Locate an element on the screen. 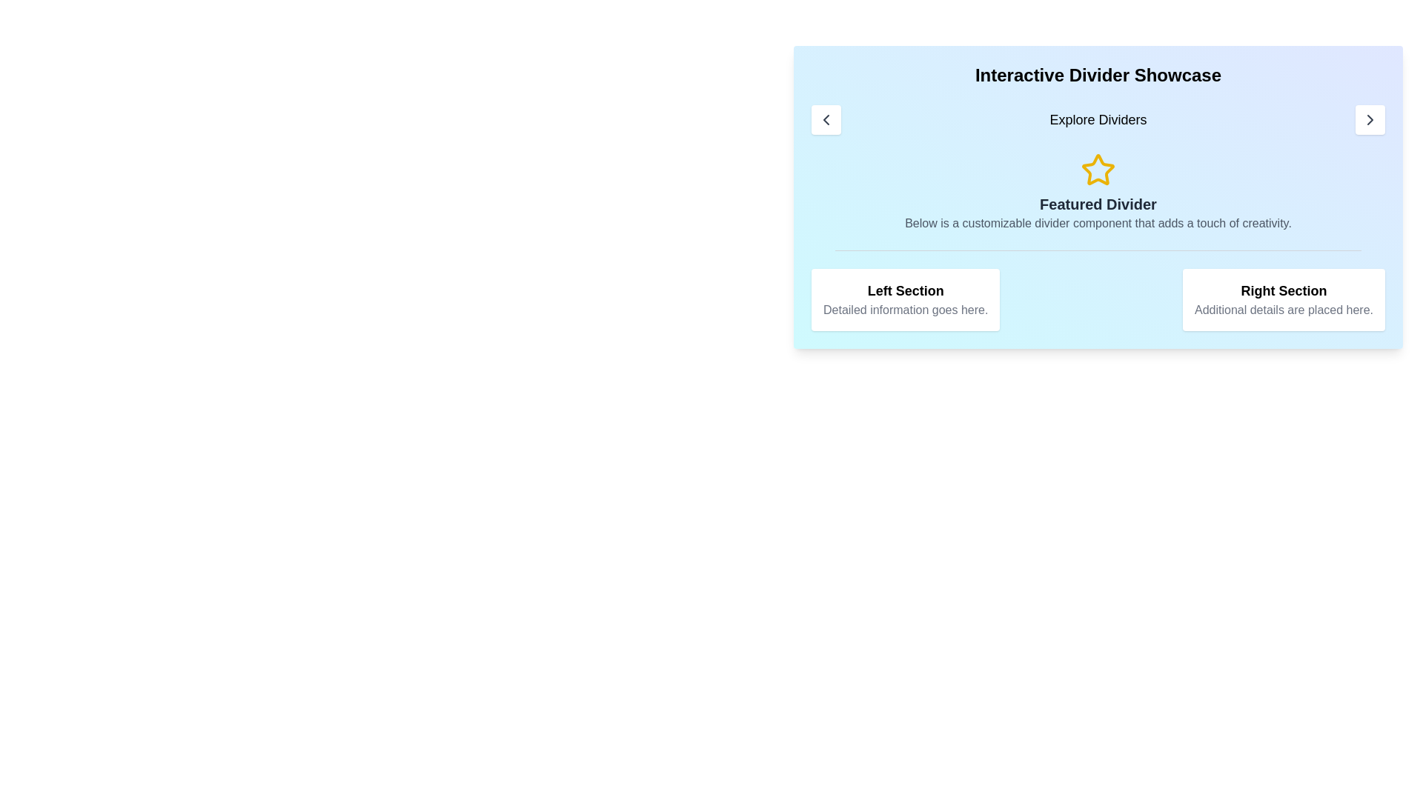 Image resolution: width=1423 pixels, height=800 pixels. the static text label functioning as a header or title within the user interface, which indicates the subject or category of the content is located at coordinates (905, 291).